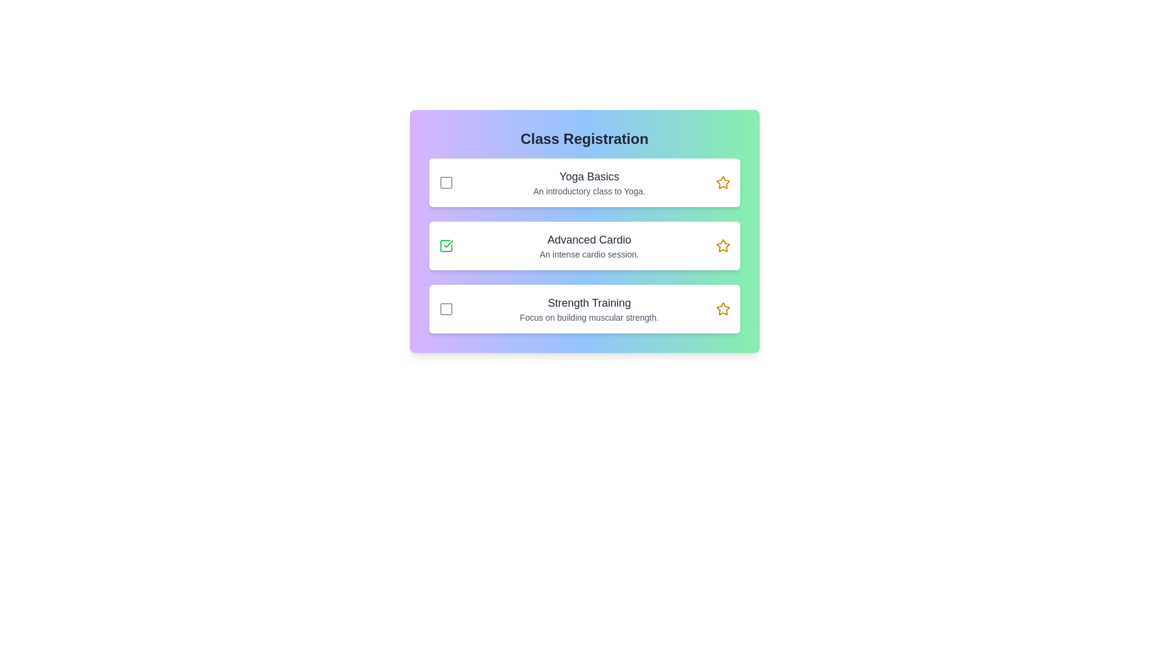 The width and height of the screenshot is (1166, 656). What do you see at coordinates (723, 182) in the screenshot?
I see `the star icon to bookmark the class Yoga Basics` at bounding box center [723, 182].